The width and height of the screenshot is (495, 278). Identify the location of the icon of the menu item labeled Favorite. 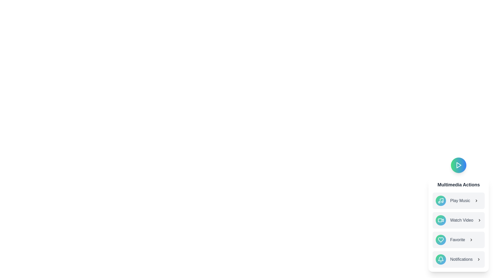
(441, 240).